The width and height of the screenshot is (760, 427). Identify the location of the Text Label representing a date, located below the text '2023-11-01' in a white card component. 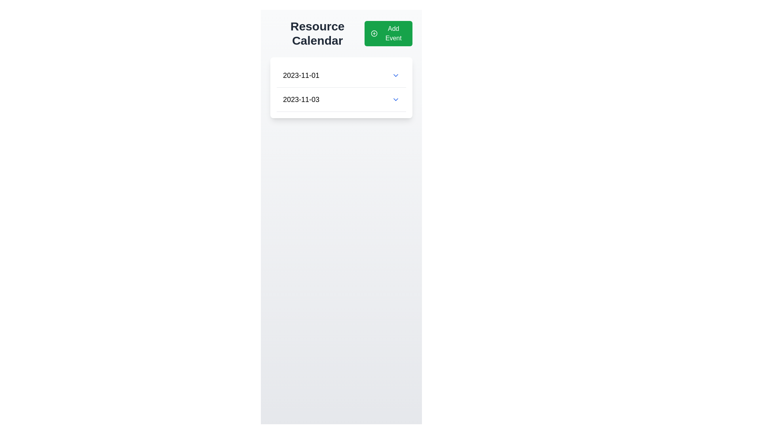
(301, 99).